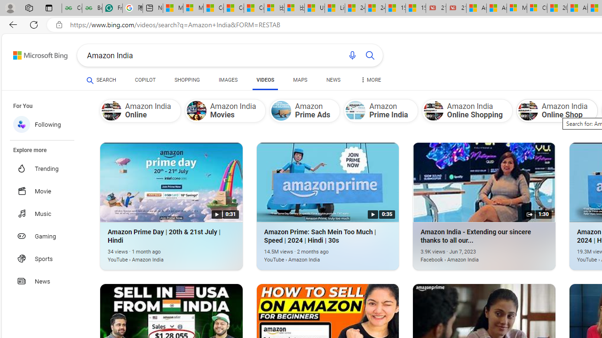  What do you see at coordinates (314, 8) in the screenshot?
I see `'USA TODAY - MSN'` at bounding box center [314, 8].